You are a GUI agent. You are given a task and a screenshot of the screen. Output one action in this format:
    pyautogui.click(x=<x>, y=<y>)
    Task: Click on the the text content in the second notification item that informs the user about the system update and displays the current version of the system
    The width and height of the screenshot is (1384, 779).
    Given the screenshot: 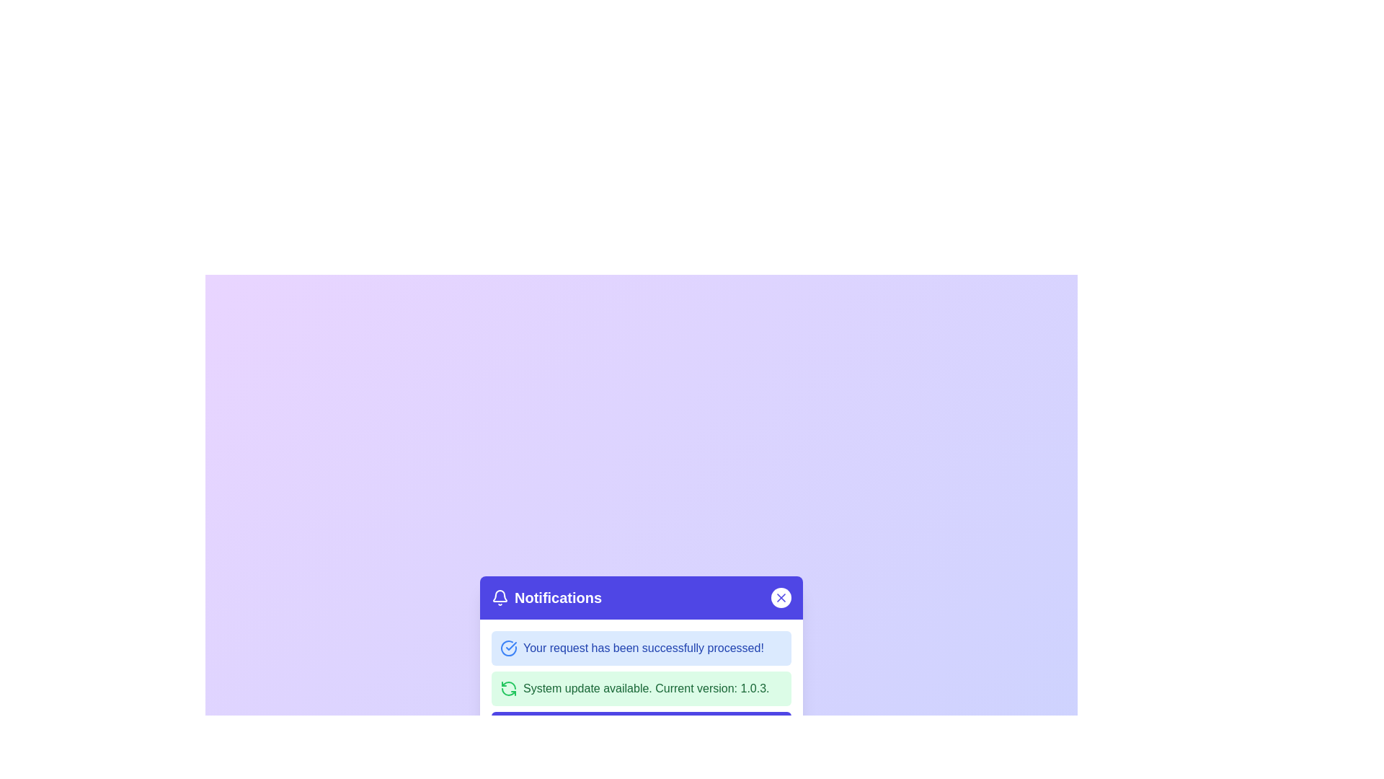 What is the action you would take?
    pyautogui.click(x=645, y=688)
    